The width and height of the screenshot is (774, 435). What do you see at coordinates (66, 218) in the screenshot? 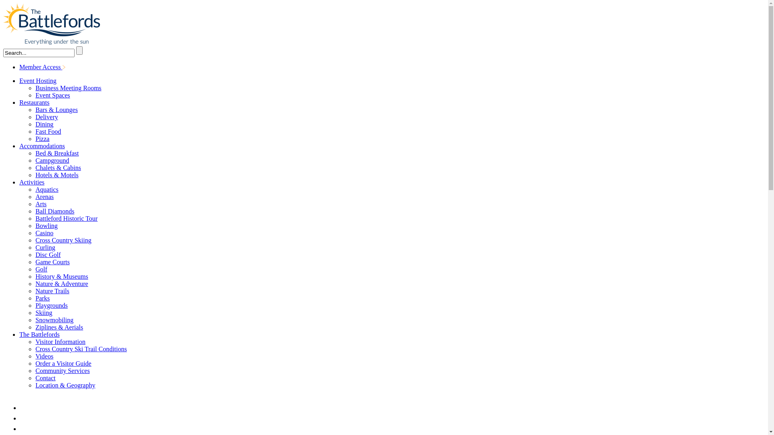
I see `'Battleford Historic Tour'` at bounding box center [66, 218].